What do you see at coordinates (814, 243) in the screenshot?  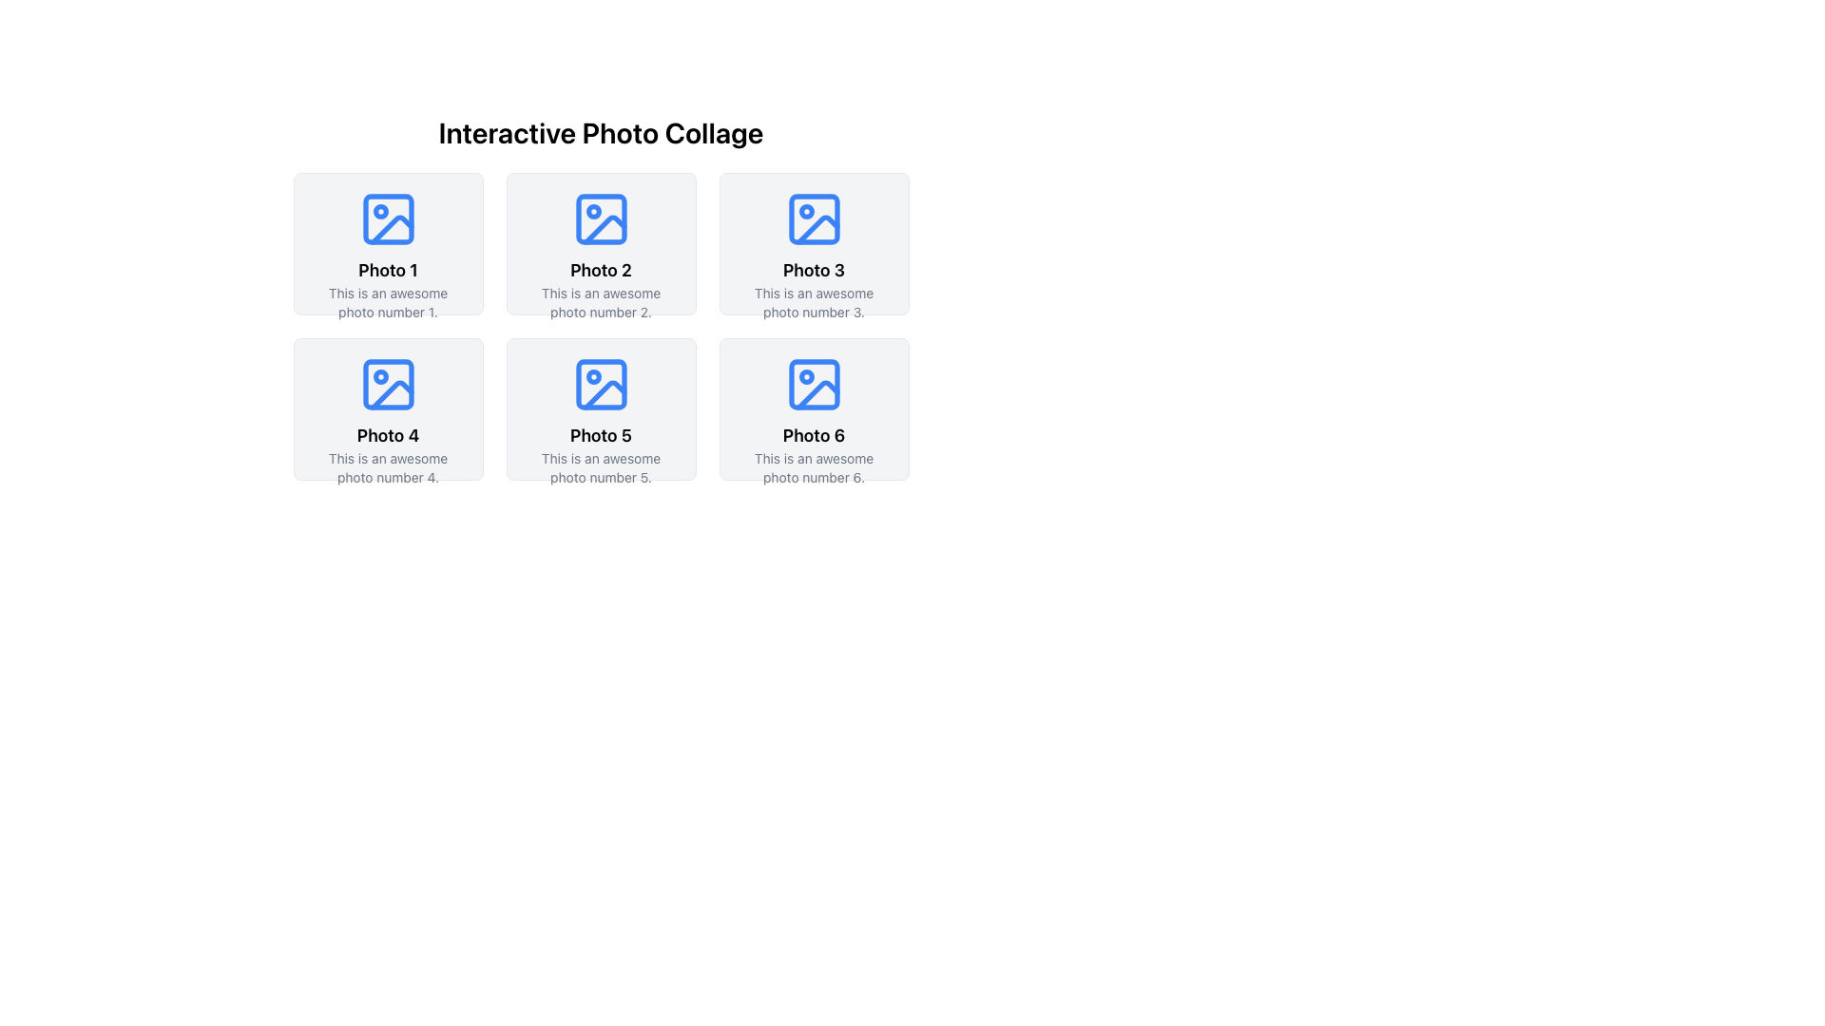 I see `the zoom in icon associated with 'Photo 3' to enlarge the content` at bounding box center [814, 243].